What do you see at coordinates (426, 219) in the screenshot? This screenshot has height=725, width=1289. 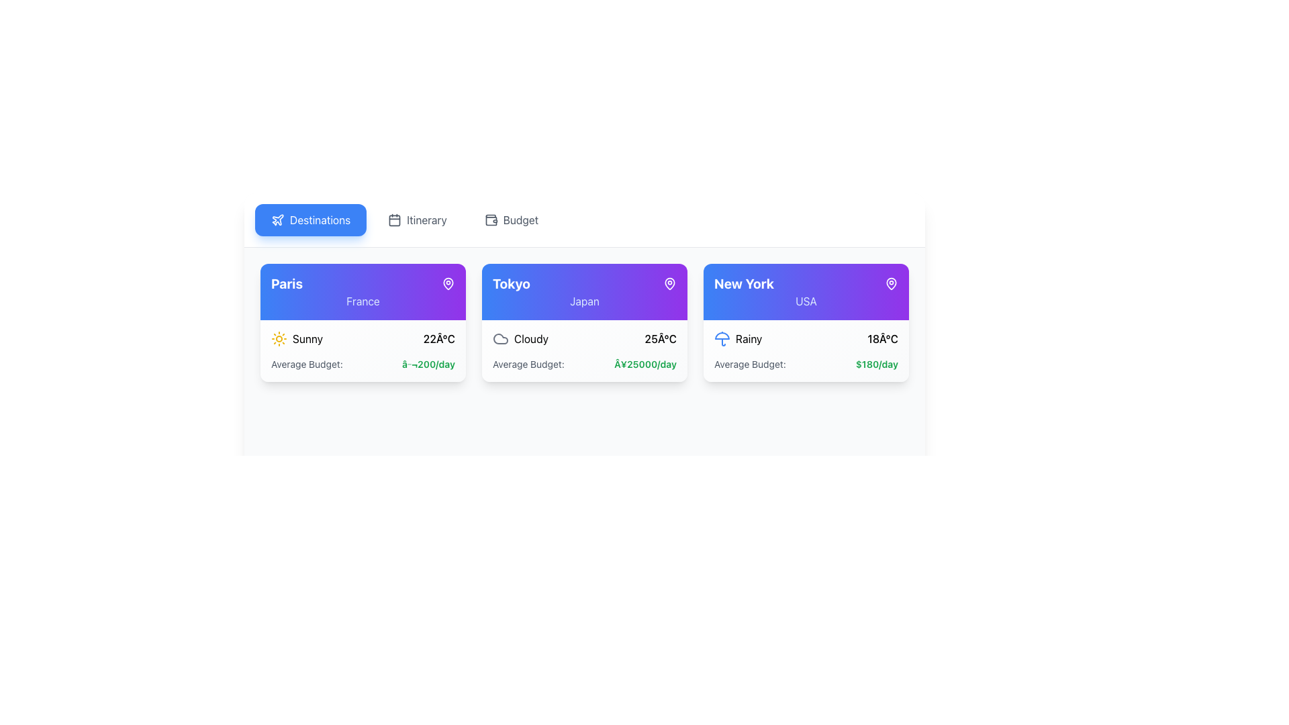 I see `the text label for itineraries located` at bounding box center [426, 219].